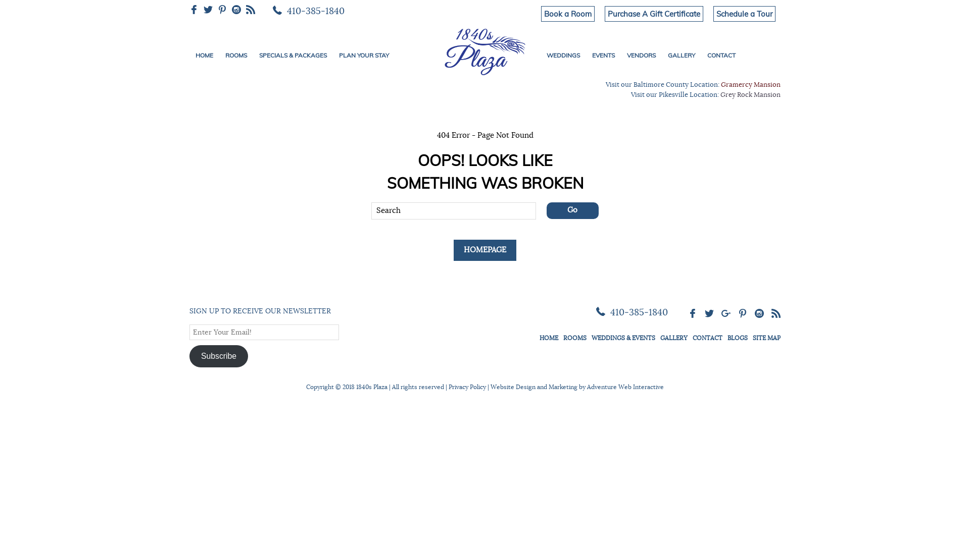 The width and height of the screenshot is (970, 545). I want to click on 'Go', so click(572, 209).